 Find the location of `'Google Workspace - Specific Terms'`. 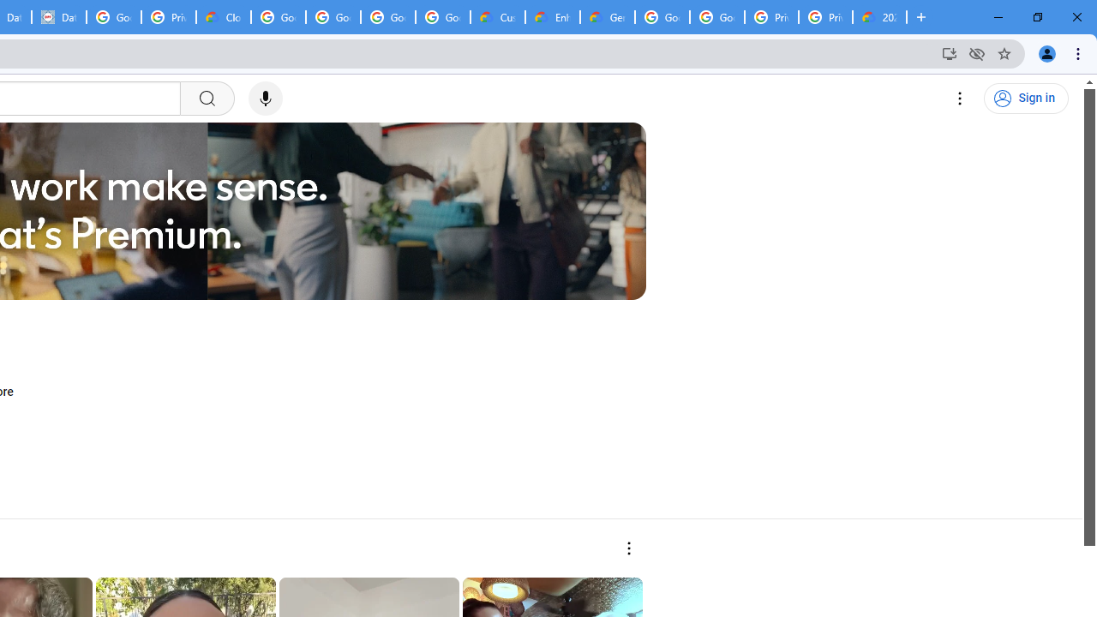

'Google Workspace - Specific Terms' is located at coordinates (443, 17).